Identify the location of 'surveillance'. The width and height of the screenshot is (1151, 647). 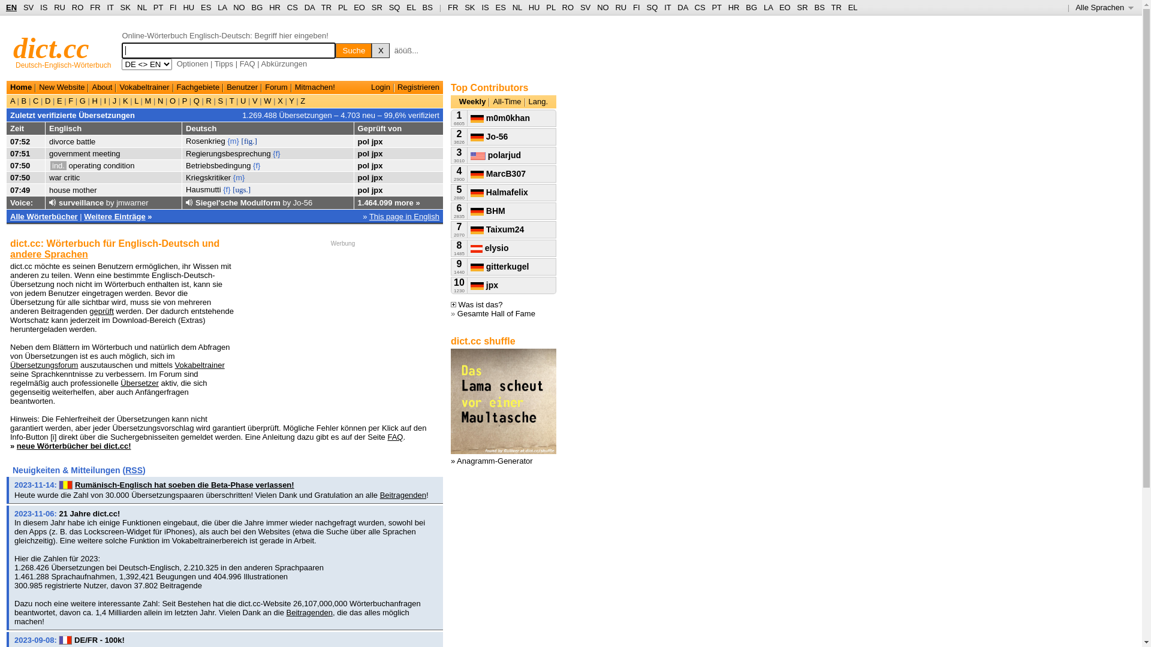
(80, 202).